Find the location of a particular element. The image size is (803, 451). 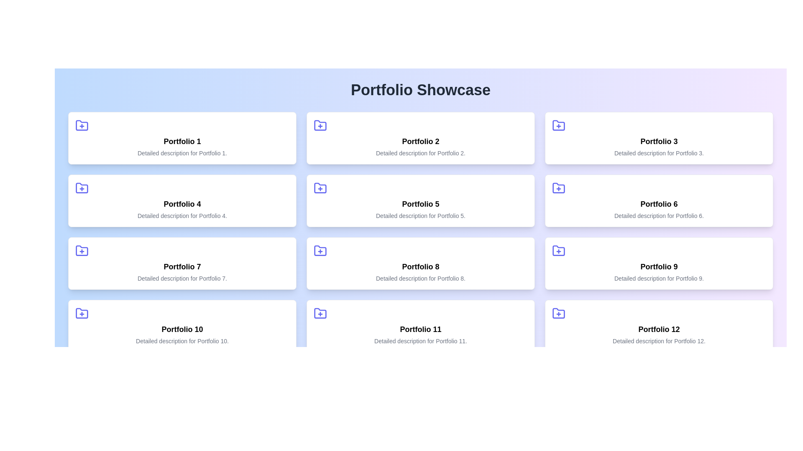

the Folder Plus icon that is prominently positioned in the upper-left corner of the 'Portfolio 11' card is located at coordinates (320, 314).